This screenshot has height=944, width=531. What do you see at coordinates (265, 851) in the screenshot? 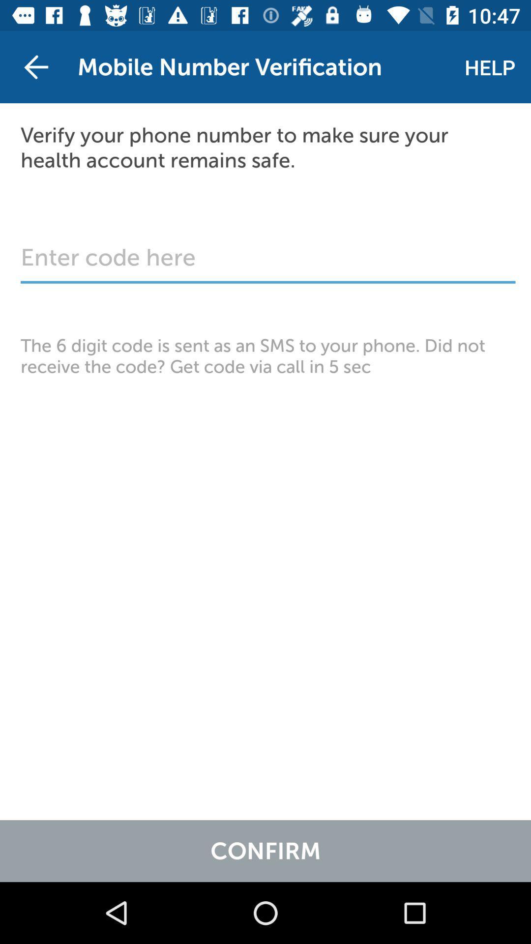
I see `the confirm` at bounding box center [265, 851].